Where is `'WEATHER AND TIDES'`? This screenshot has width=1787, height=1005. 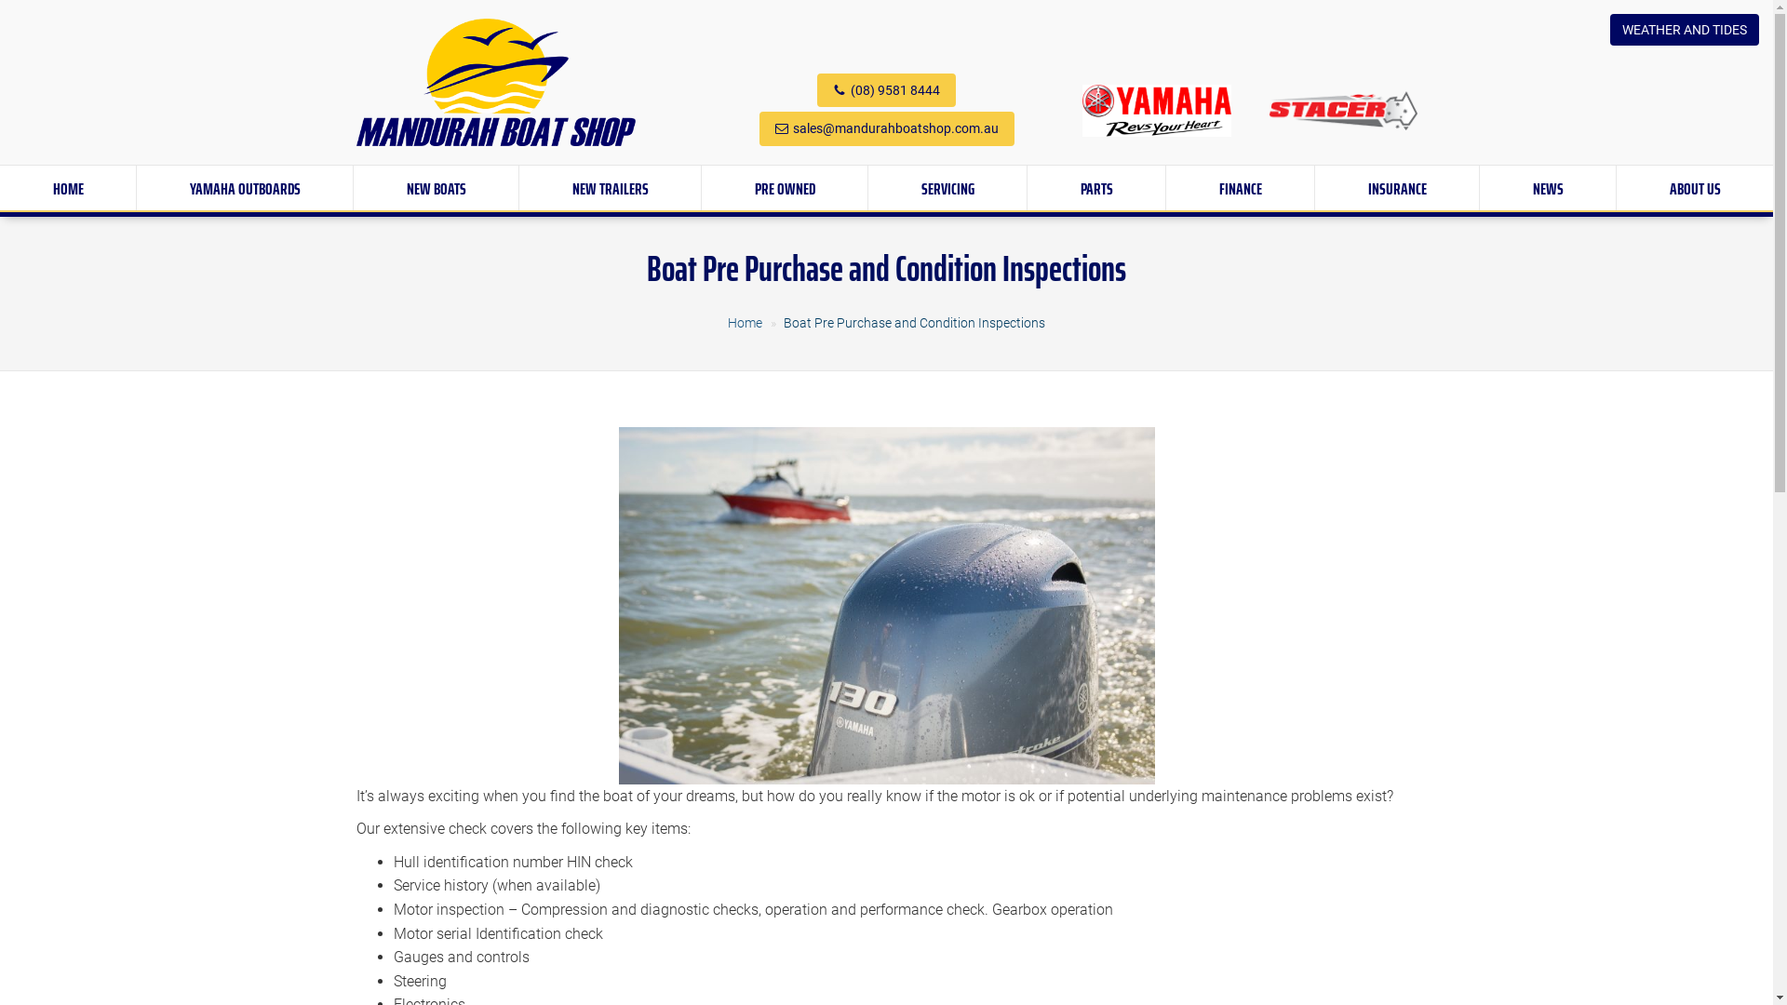 'WEATHER AND TIDES' is located at coordinates (1684, 29).